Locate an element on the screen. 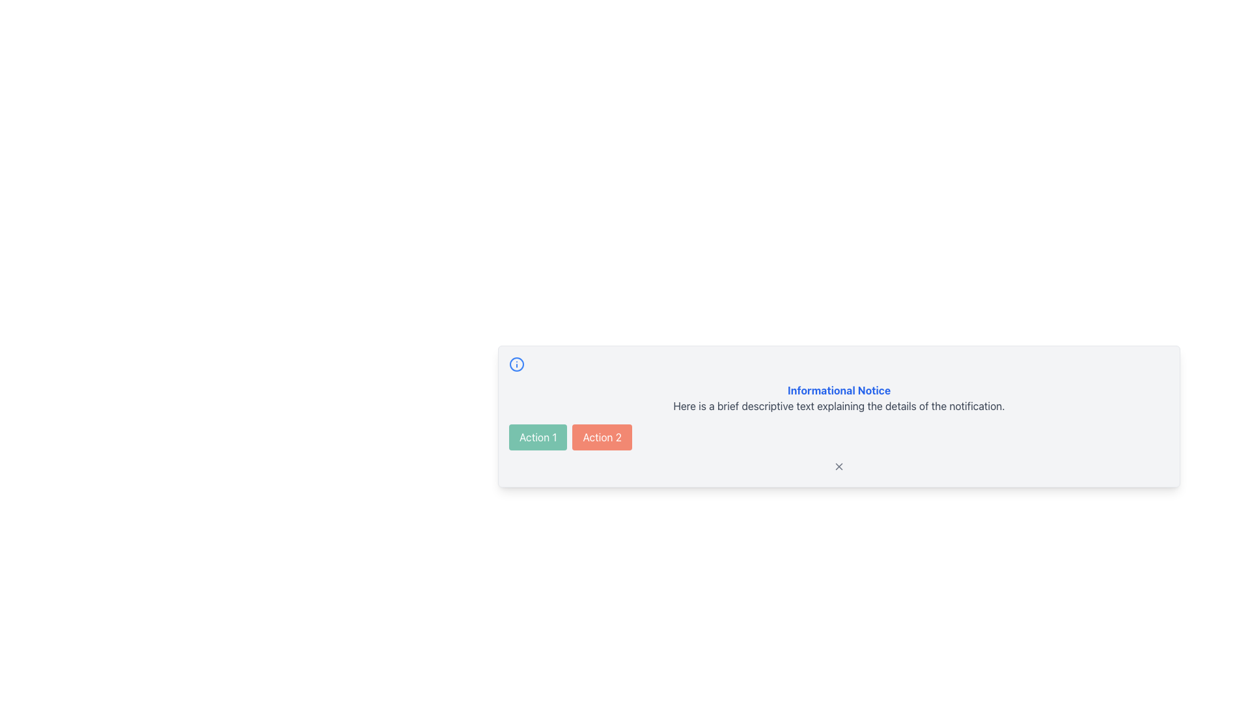  the 'Informational Notice' text header, which is styled in bold blue font and is located above the descriptive text is located at coordinates (839, 390).